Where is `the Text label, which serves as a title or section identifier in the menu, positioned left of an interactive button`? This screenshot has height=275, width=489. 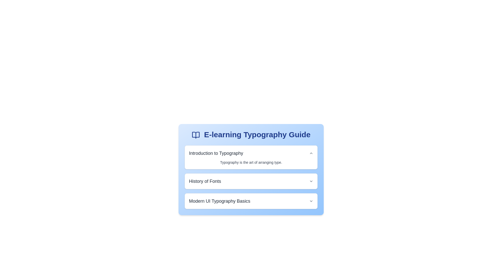 the Text label, which serves as a title or section identifier in the menu, positioned left of an interactive button is located at coordinates (205, 181).